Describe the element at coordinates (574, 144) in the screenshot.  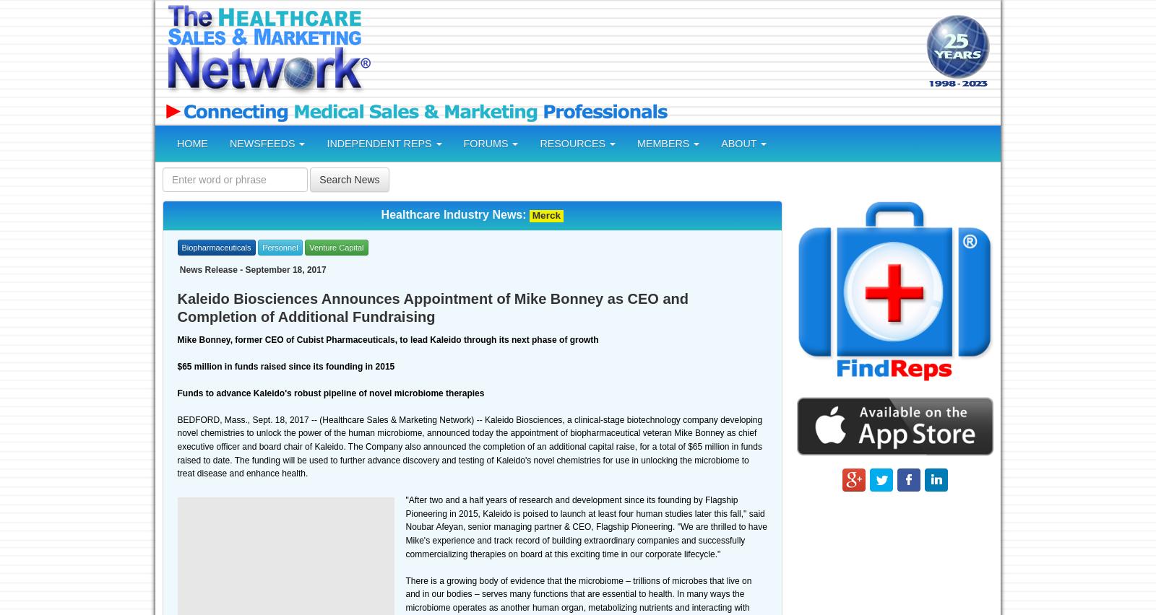
I see `'RESOURCES'` at that location.